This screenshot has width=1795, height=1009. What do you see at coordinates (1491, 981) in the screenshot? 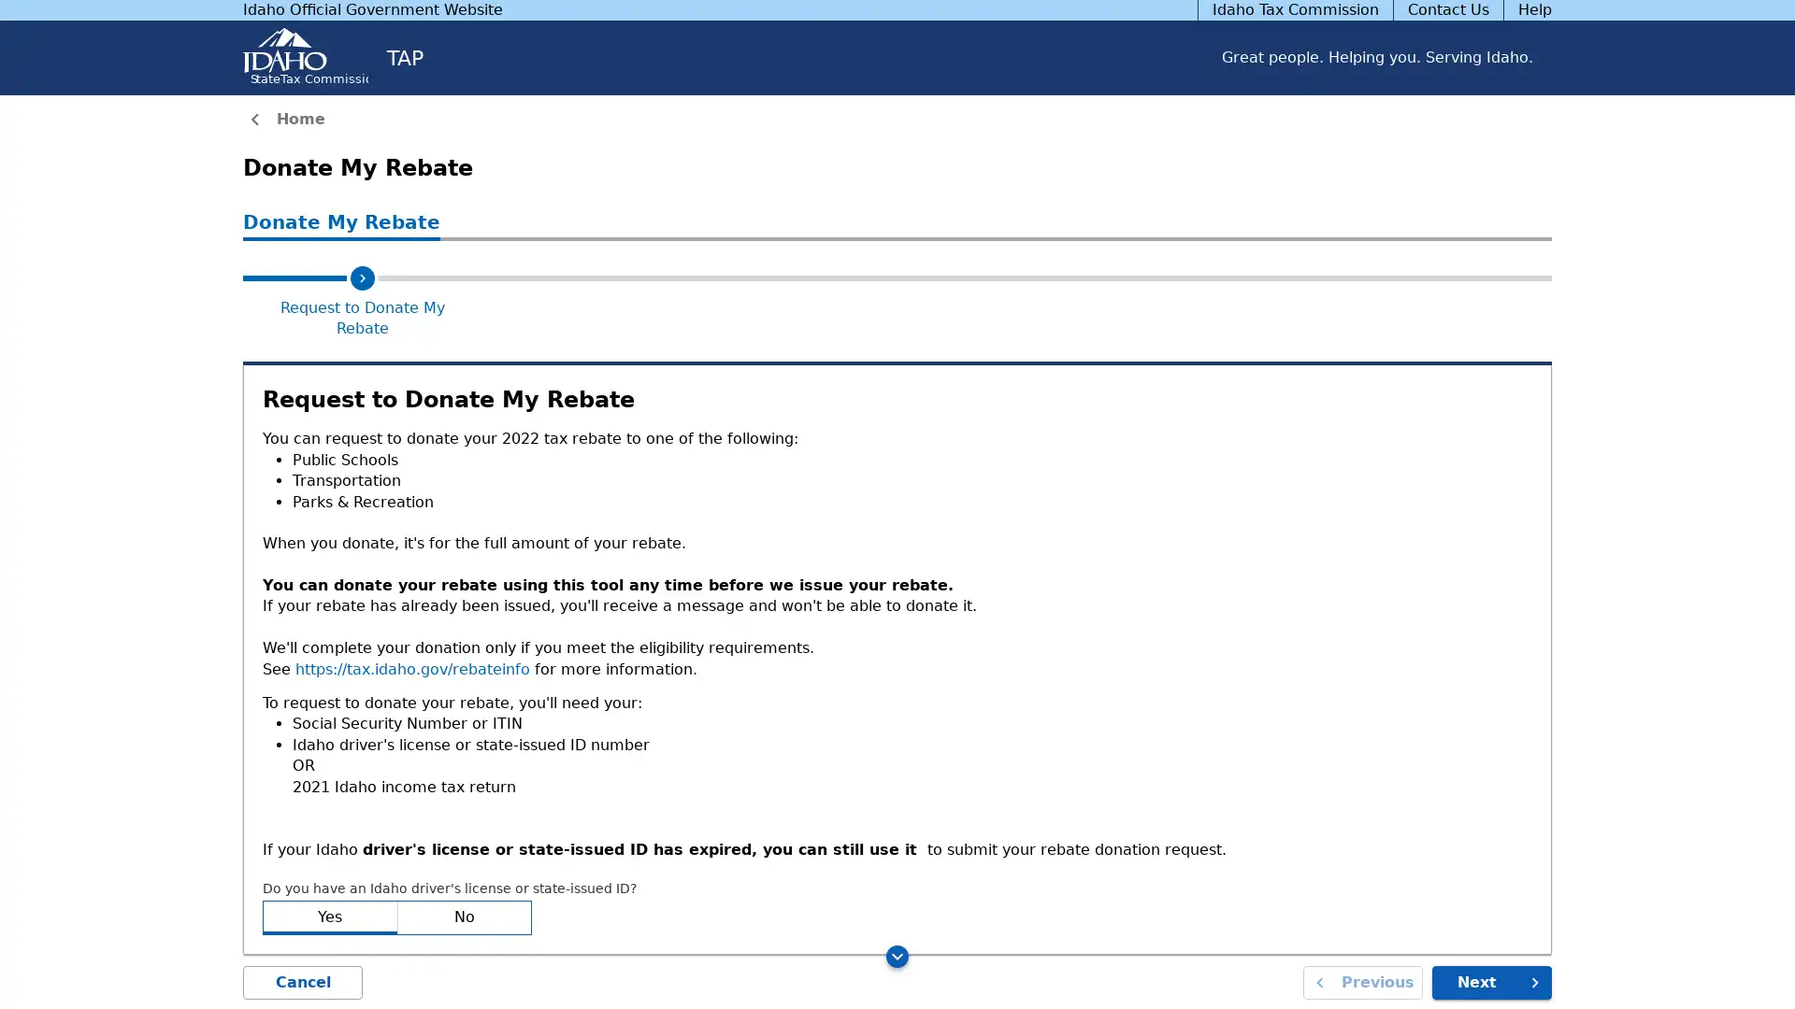
I see `Next` at bounding box center [1491, 981].